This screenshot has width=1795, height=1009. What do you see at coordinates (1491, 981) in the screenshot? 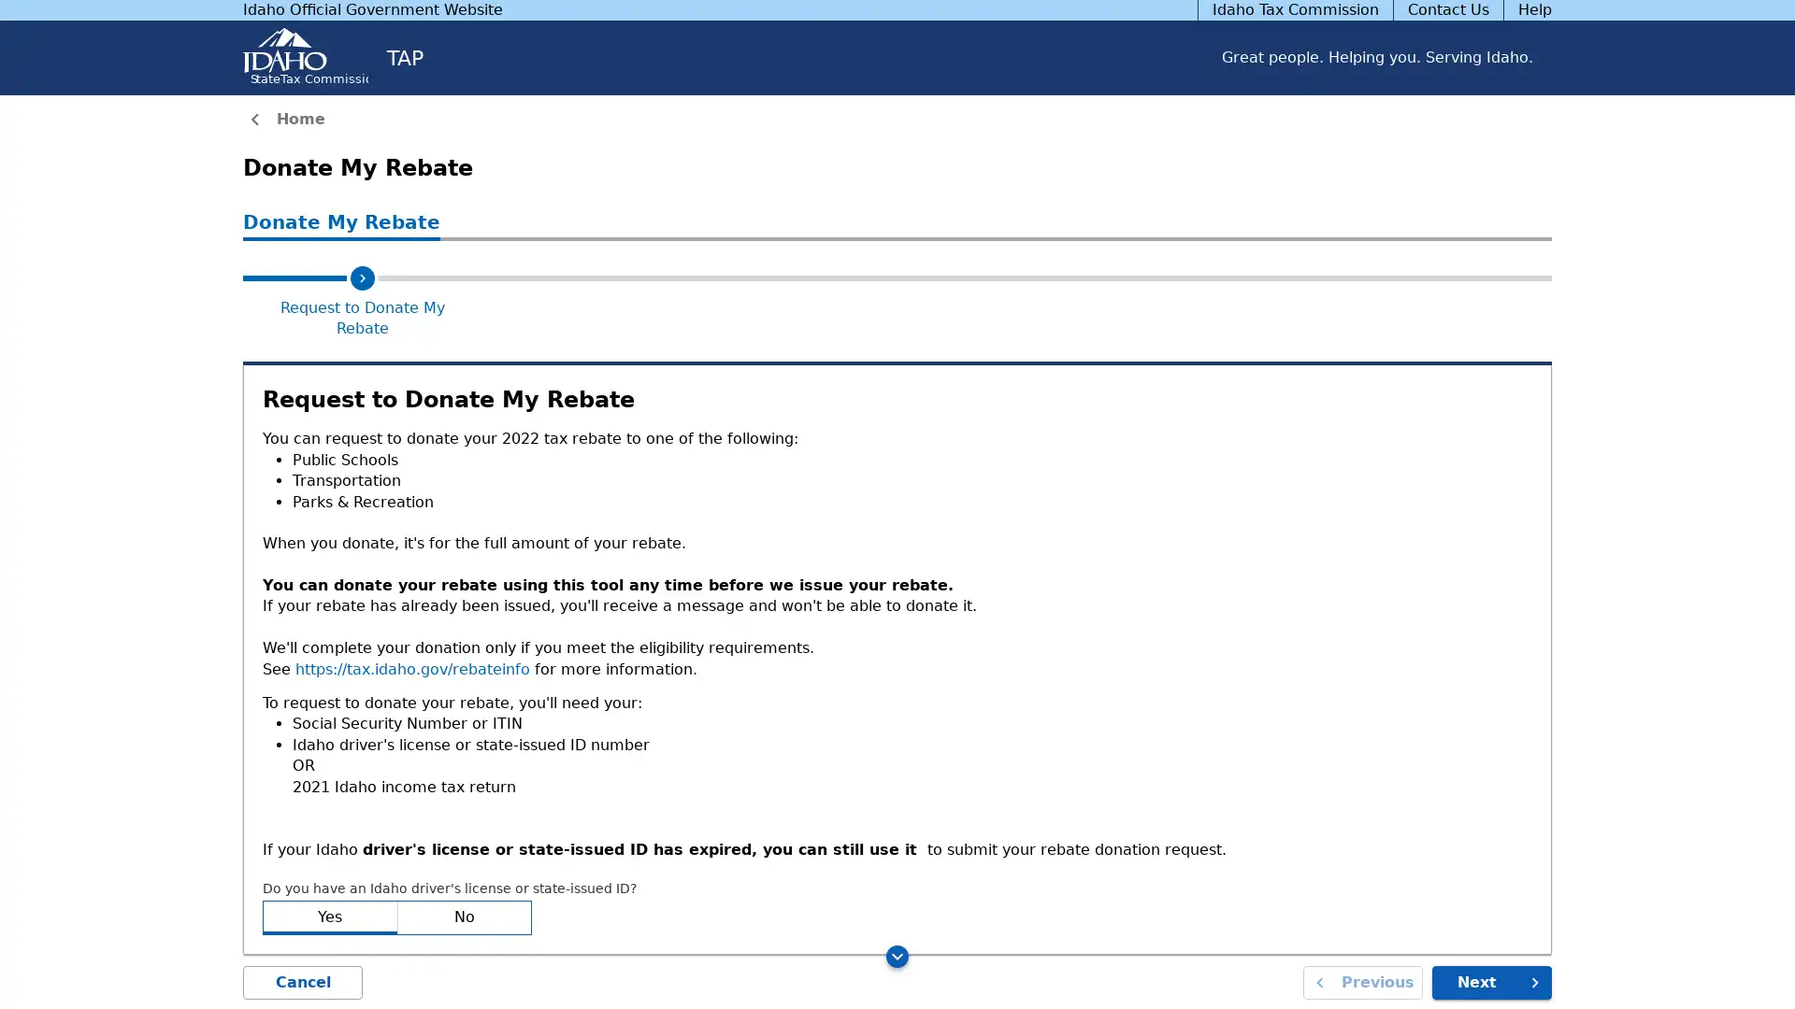
I see `Next` at bounding box center [1491, 981].